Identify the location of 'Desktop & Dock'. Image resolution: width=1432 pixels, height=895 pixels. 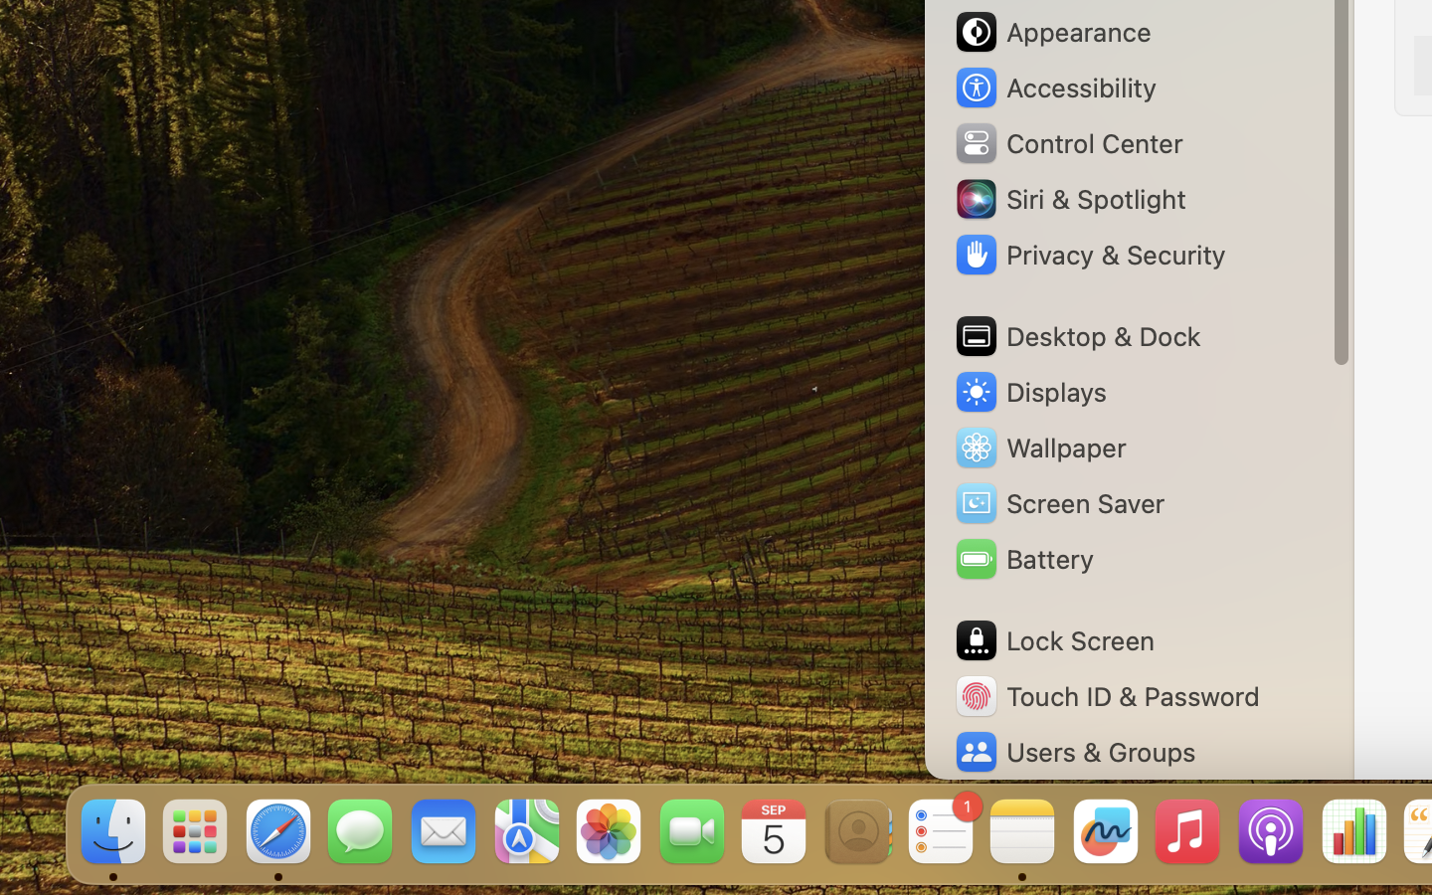
(1076, 336).